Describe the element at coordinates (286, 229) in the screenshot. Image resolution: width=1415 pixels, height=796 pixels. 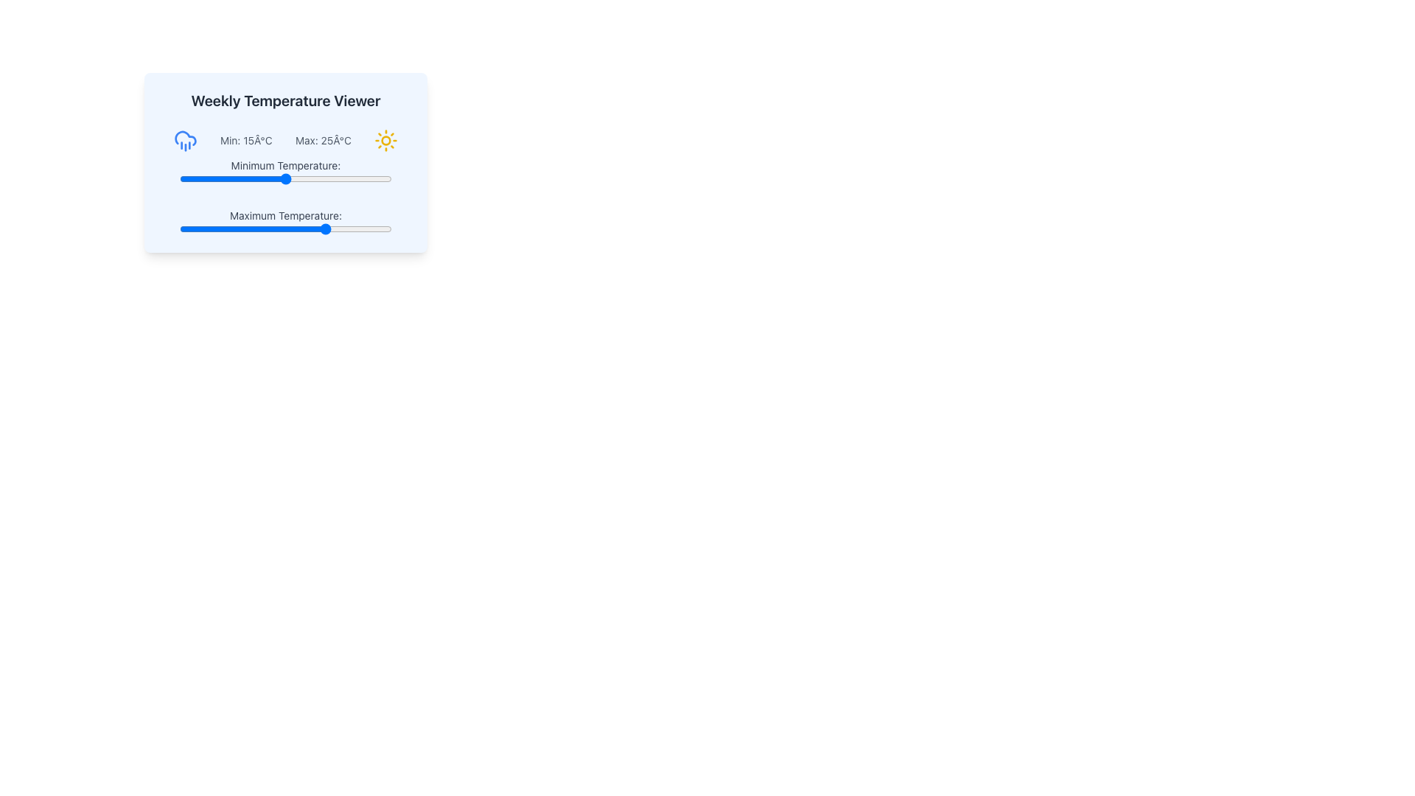
I see `the maximum temperature` at that location.